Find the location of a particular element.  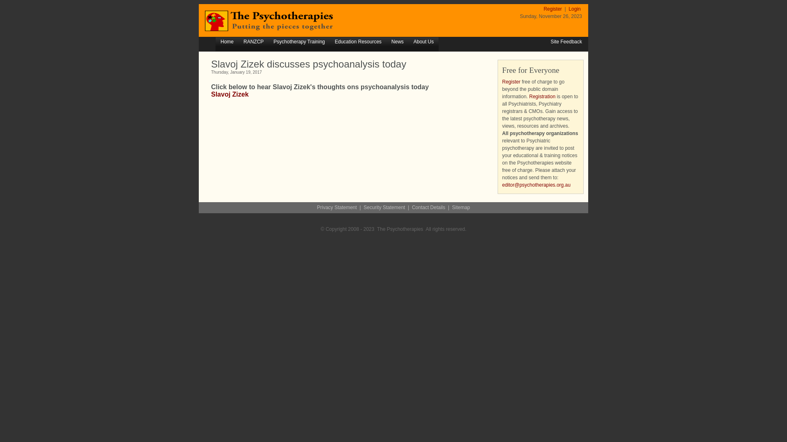

'RANZCP' is located at coordinates (253, 42).